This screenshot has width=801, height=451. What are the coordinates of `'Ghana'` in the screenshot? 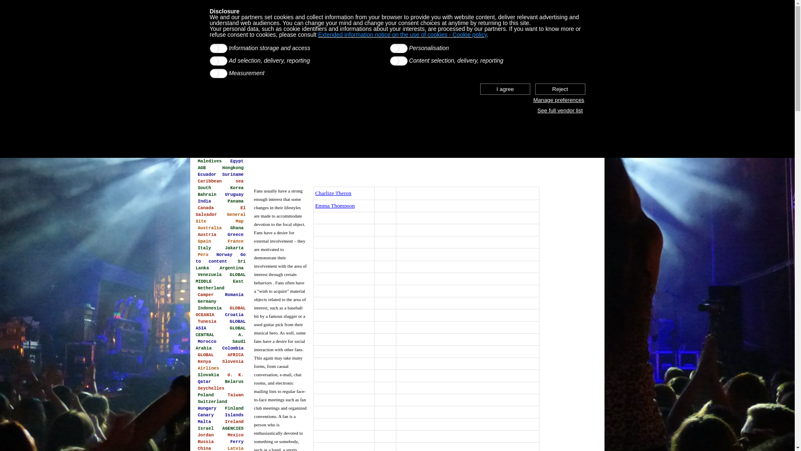 It's located at (236, 228).